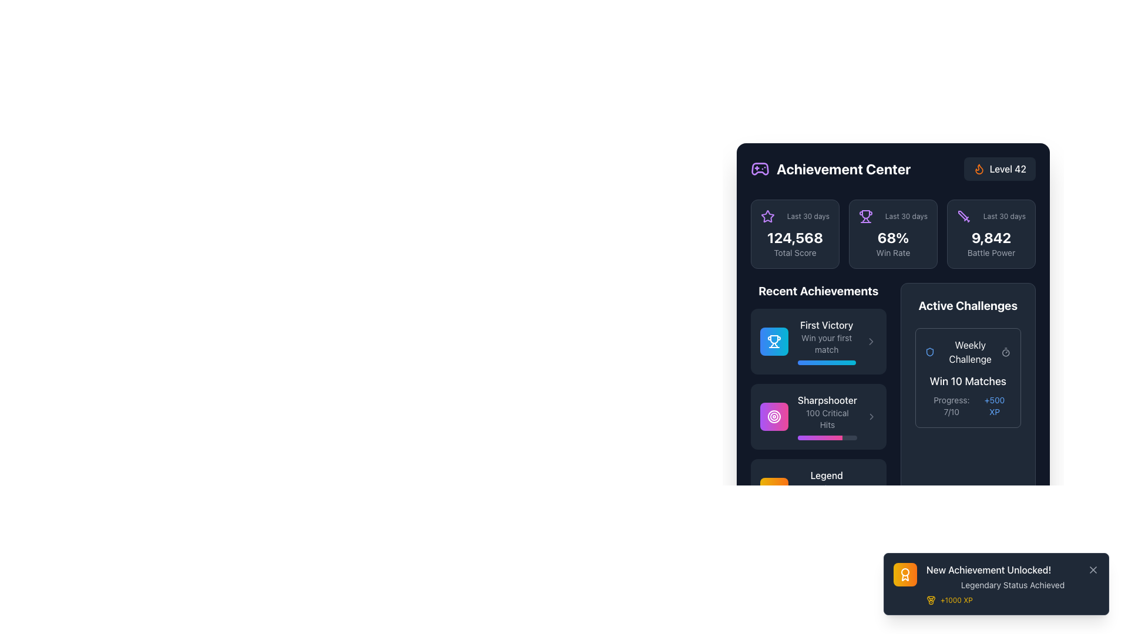 Image resolution: width=1128 pixels, height=634 pixels. I want to click on the star icon located at the top-left of the 'Last 30 days' section, which precedes the numerical text '124,568', so click(767, 217).